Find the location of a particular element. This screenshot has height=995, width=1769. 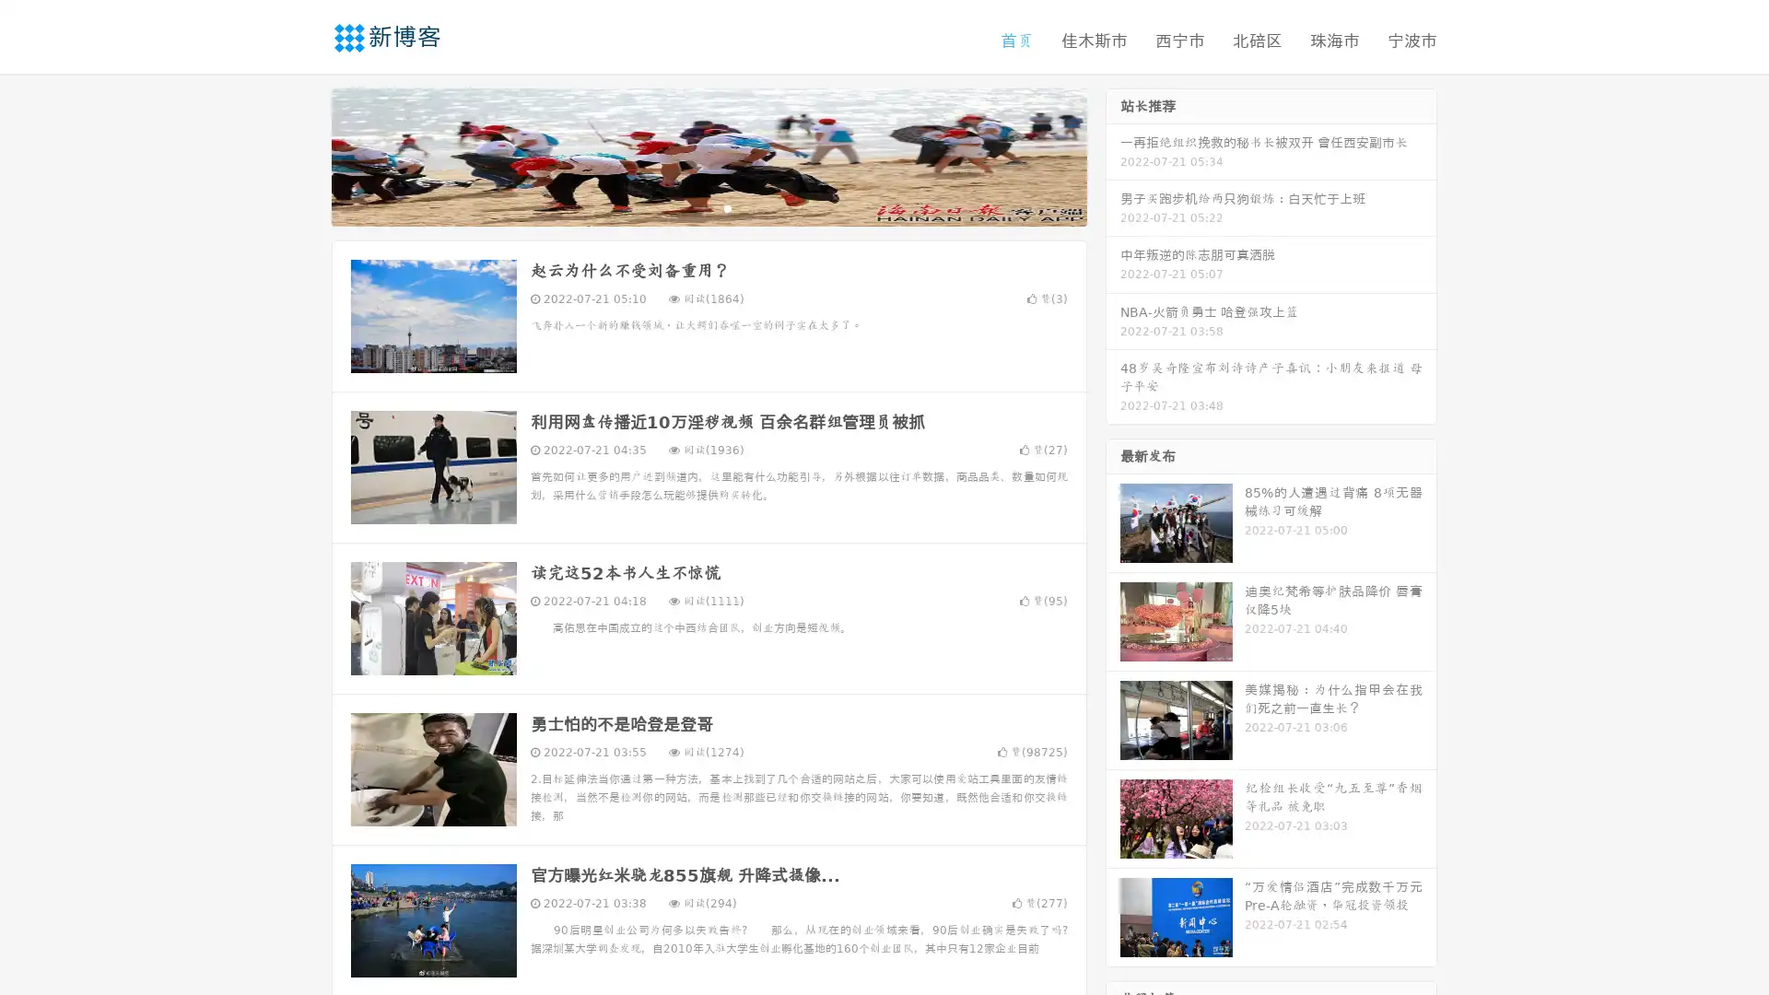

Next slide is located at coordinates (1113, 155).